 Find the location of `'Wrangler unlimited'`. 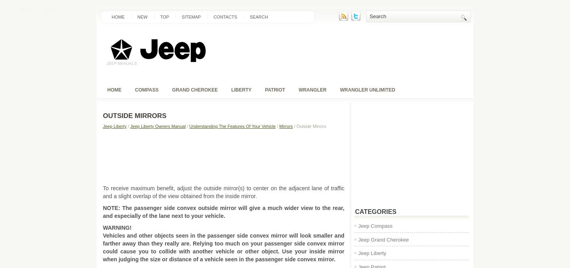

'Wrangler unlimited' is located at coordinates (367, 90).